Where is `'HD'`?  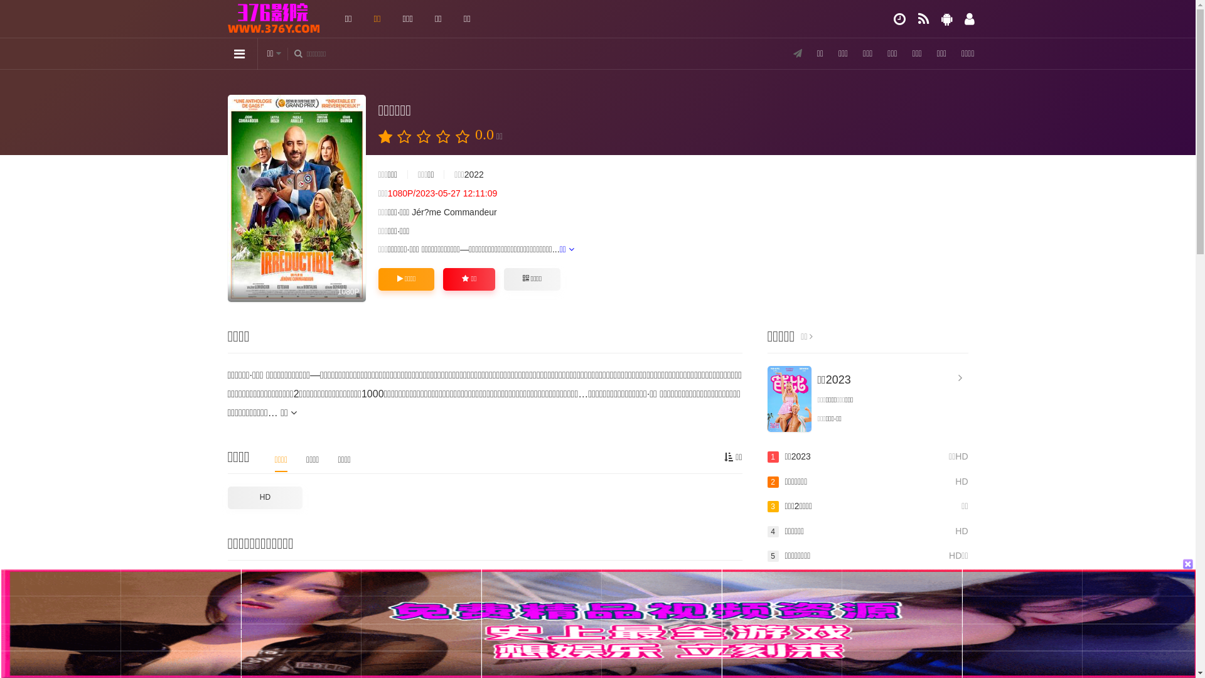
'HD' is located at coordinates (264, 497).